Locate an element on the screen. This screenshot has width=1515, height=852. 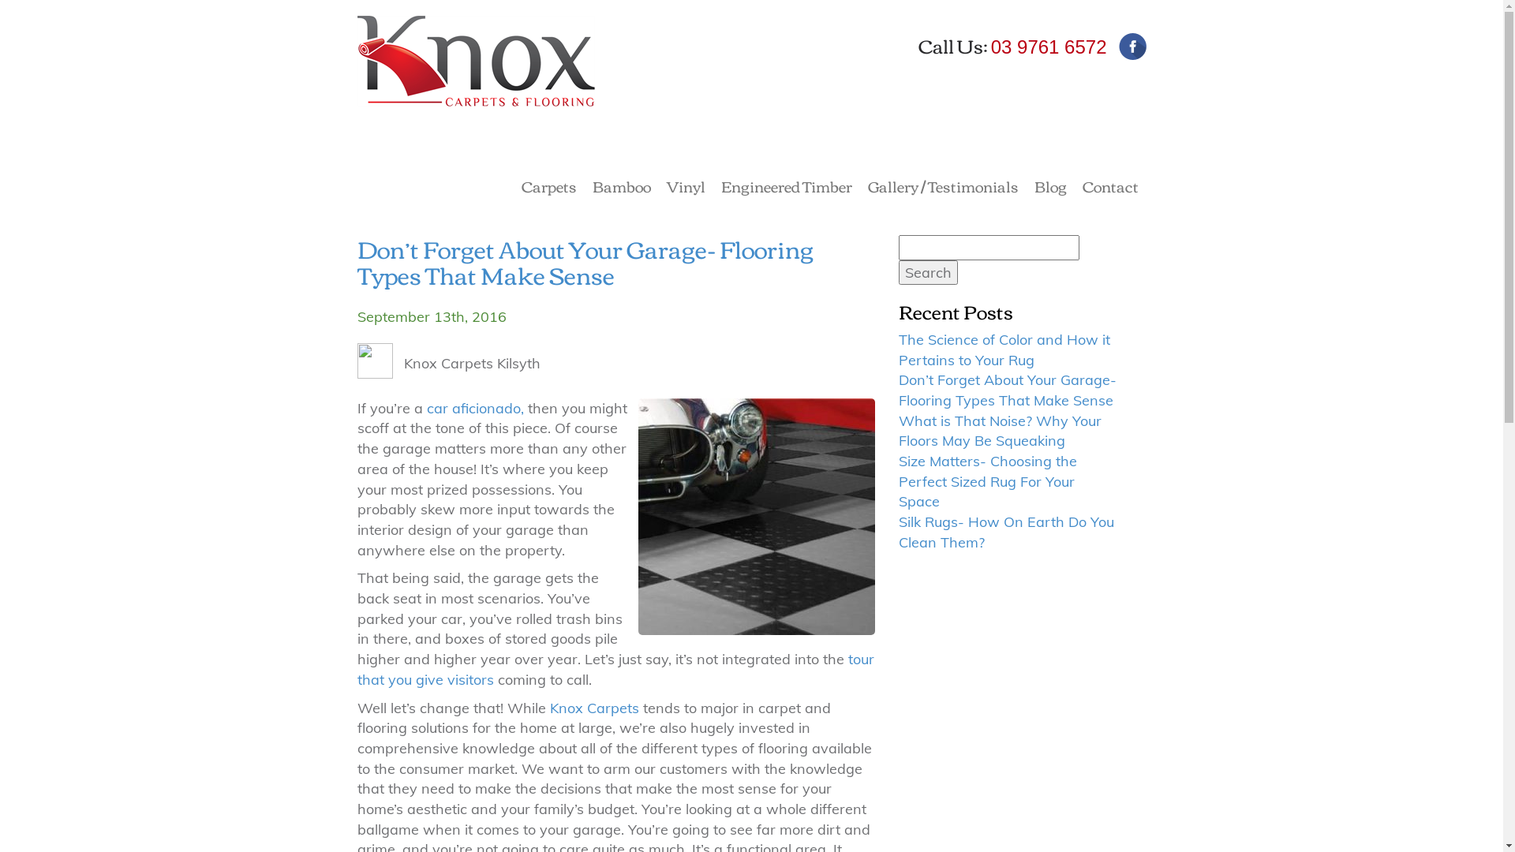
'Silk Rugs- How On Earth Do You Clean Them?' is located at coordinates (1005, 532).